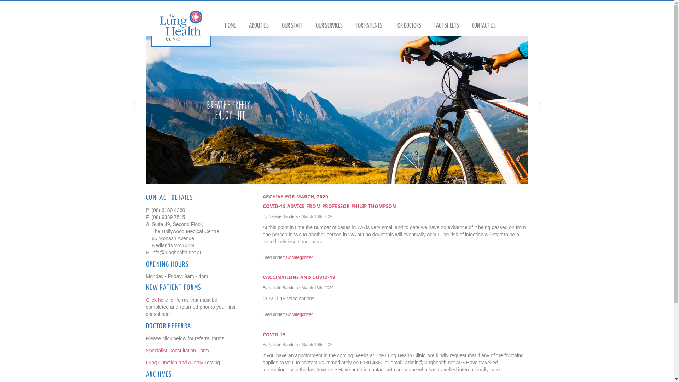 This screenshot has width=679, height=382. What do you see at coordinates (258, 25) in the screenshot?
I see `'ABOUT US'` at bounding box center [258, 25].